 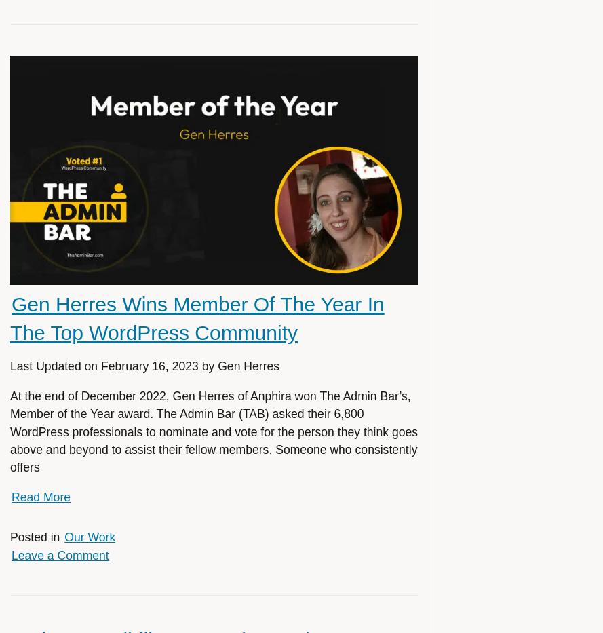 What do you see at coordinates (197, 318) in the screenshot?
I see `'Gen Herres wins Member of the Year in the top WordPress community'` at bounding box center [197, 318].